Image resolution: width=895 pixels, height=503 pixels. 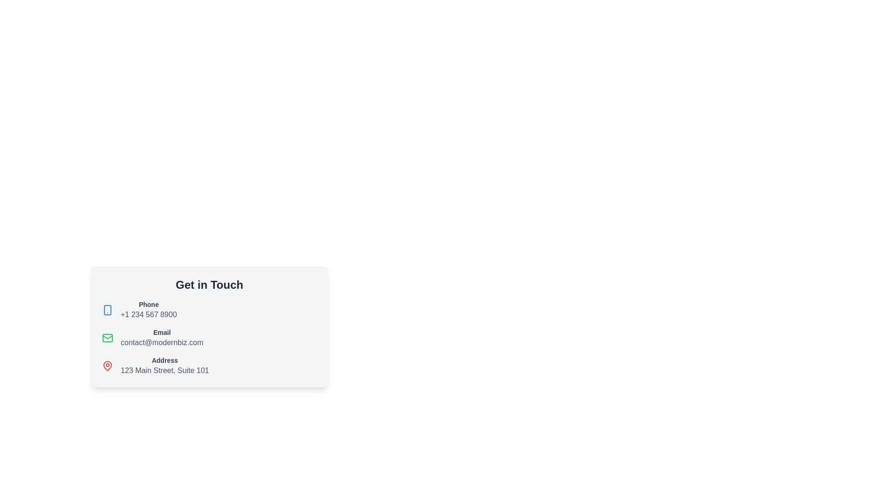 I want to click on the email icon located in the Email section of the contact card, which is the second icon in the vertical arrangement of contact symbols, so click(x=107, y=336).